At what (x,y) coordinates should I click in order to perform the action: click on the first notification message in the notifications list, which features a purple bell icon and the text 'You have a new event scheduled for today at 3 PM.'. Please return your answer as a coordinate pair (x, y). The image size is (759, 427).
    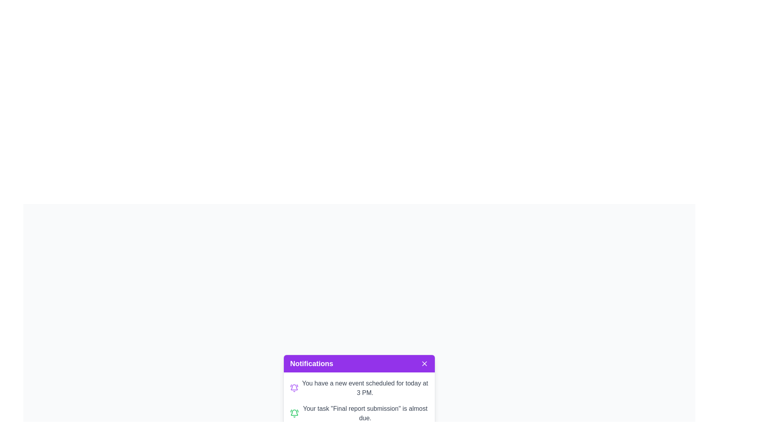
    Looking at the image, I should click on (359, 387).